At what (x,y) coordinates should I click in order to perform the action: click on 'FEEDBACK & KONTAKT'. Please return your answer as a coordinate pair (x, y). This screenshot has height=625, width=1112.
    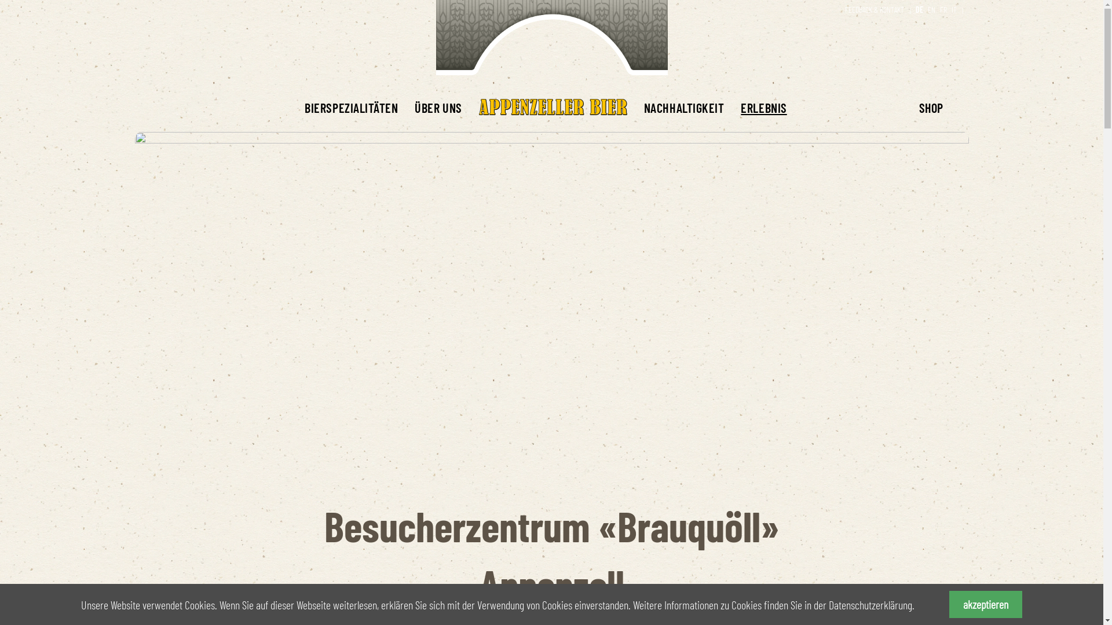
    Looking at the image, I should click on (875, 9).